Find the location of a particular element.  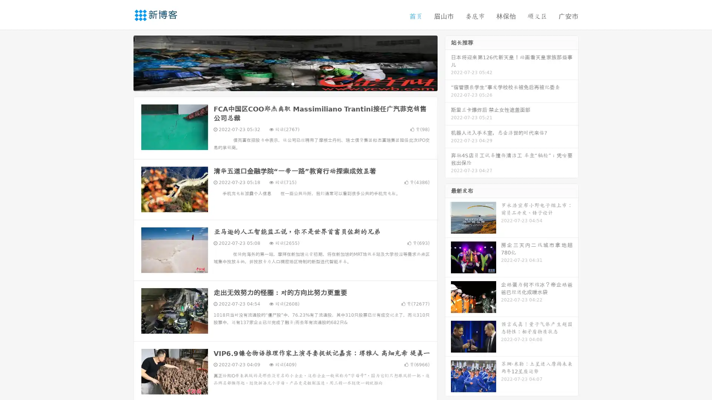

Go to slide 2 is located at coordinates (285, 83).